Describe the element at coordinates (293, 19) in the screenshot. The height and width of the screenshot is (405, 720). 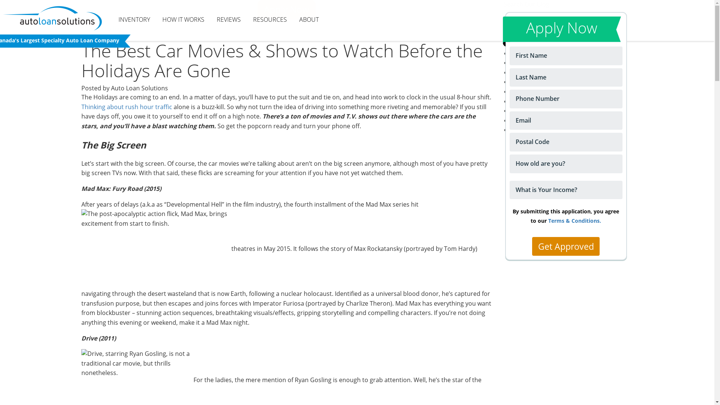
I see `'ABOUT'` at that location.